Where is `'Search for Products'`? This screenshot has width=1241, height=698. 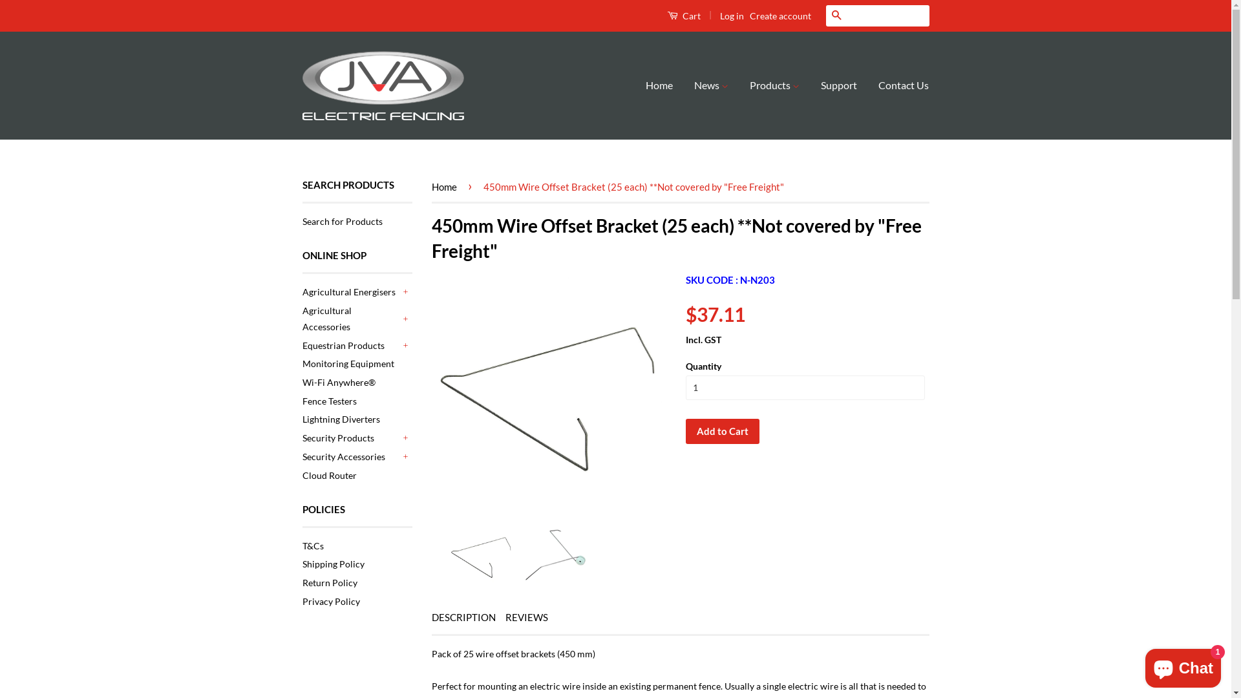
'Search for Products' is located at coordinates (342, 220).